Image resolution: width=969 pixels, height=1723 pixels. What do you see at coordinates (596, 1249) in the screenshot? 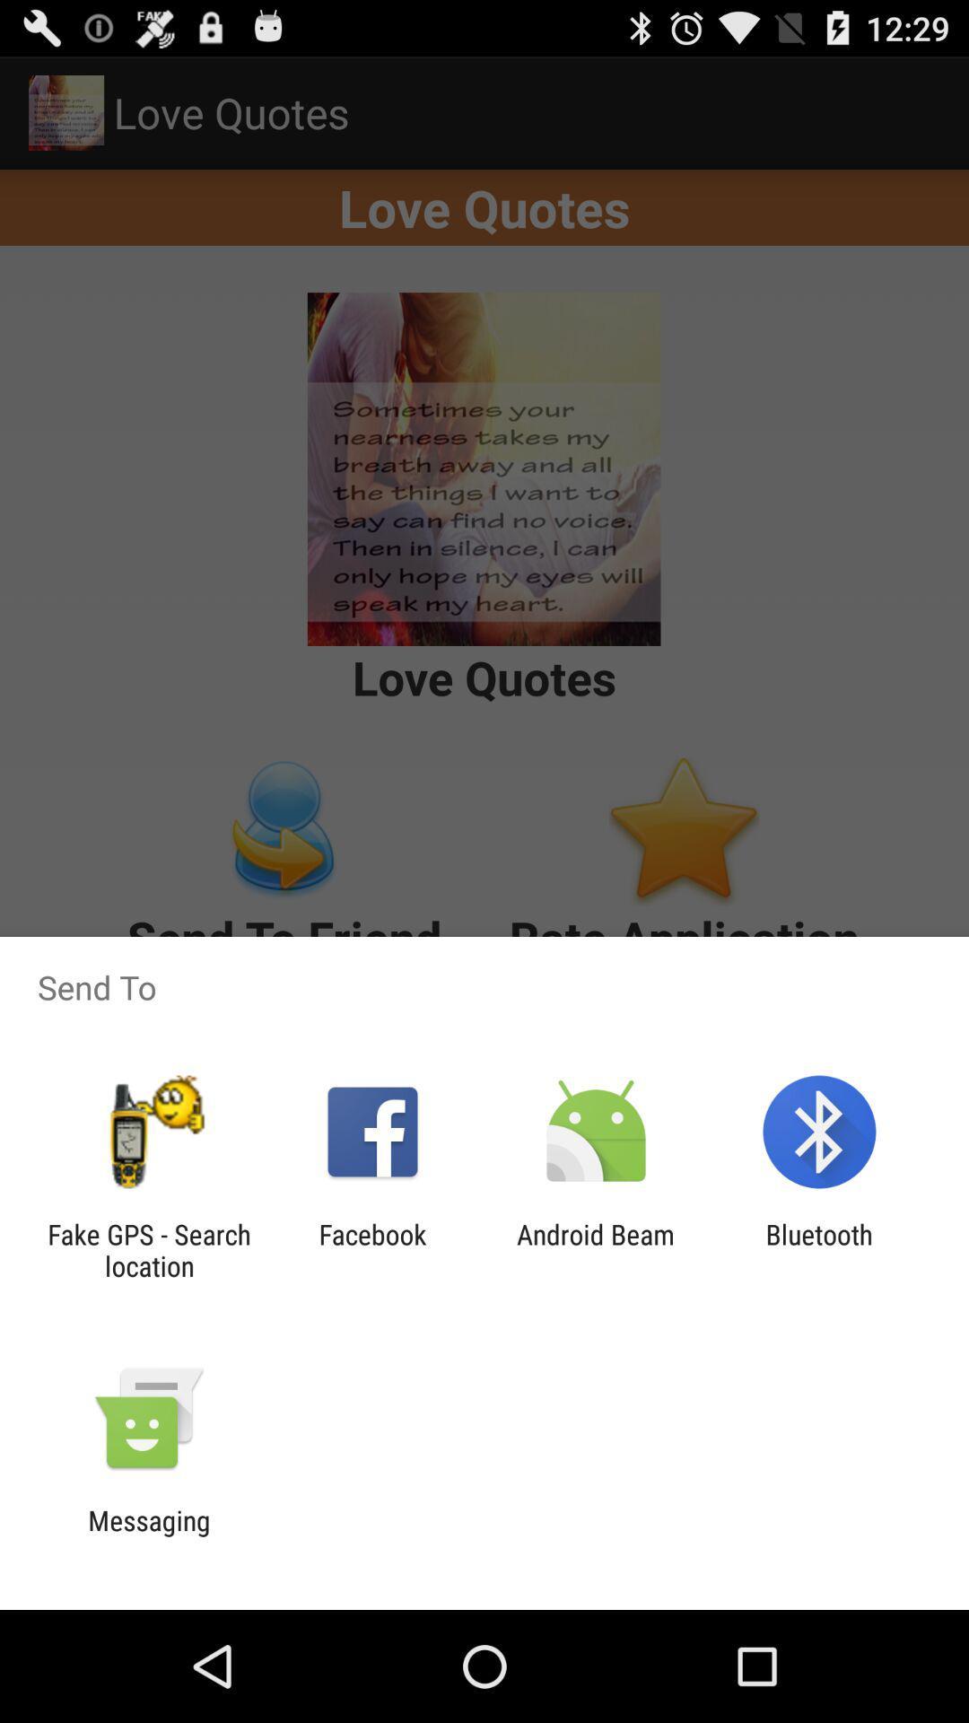
I see `item to the left of the bluetooth item` at bounding box center [596, 1249].